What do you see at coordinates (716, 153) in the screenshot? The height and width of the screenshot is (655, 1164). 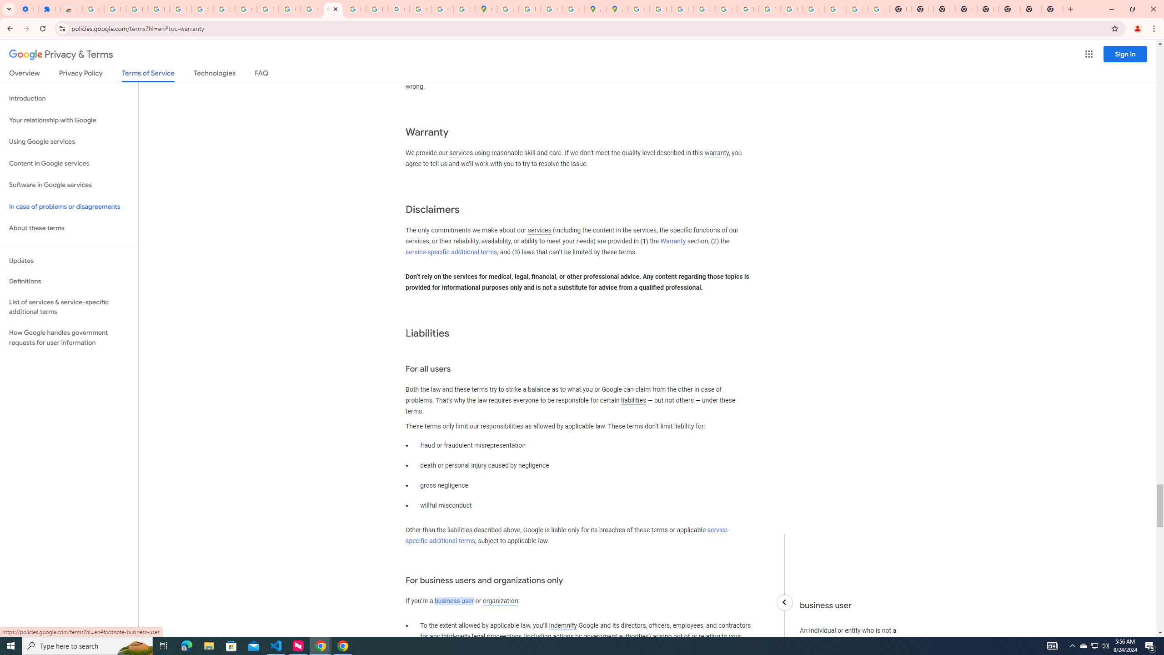 I see `'warranty'` at bounding box center [716, 153].